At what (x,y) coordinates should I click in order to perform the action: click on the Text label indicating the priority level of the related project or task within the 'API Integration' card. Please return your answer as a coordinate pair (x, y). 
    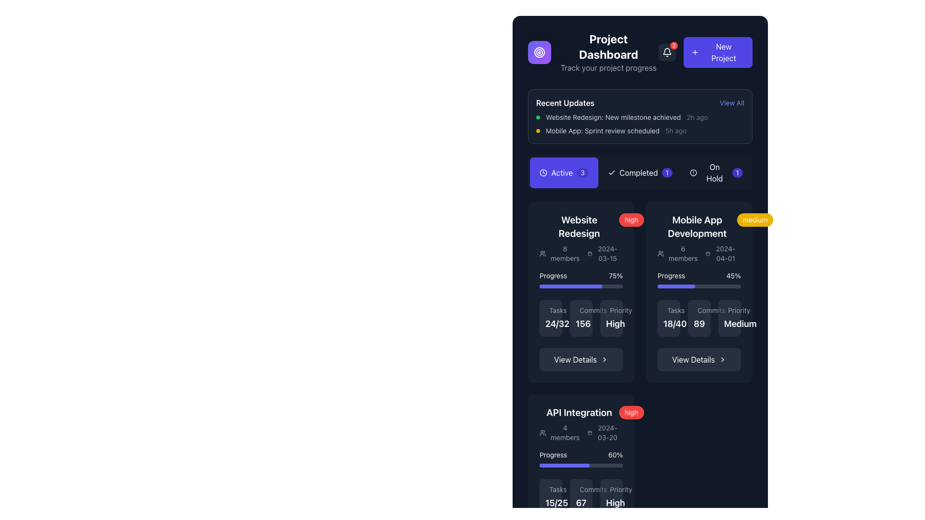
    Looking at the image, I should click on (611, 490).